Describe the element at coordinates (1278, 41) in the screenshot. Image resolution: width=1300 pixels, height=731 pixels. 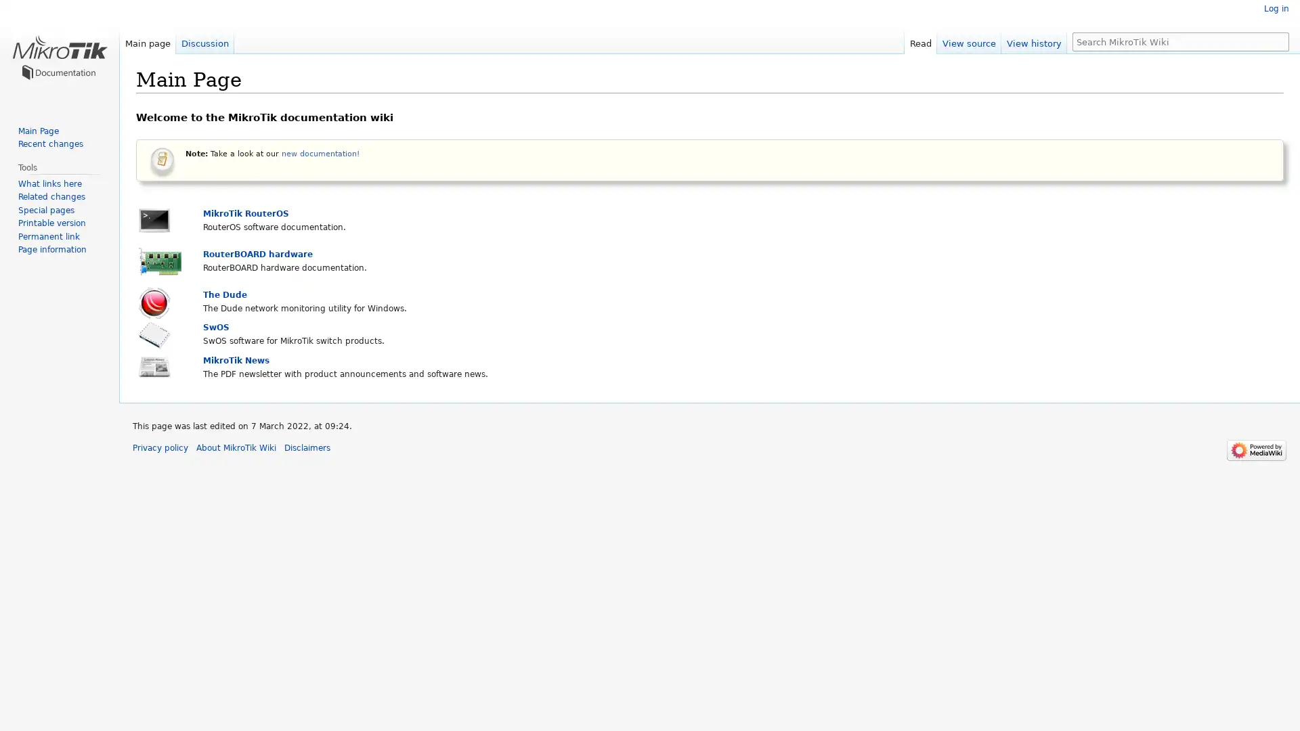
I see `Go` at that location.